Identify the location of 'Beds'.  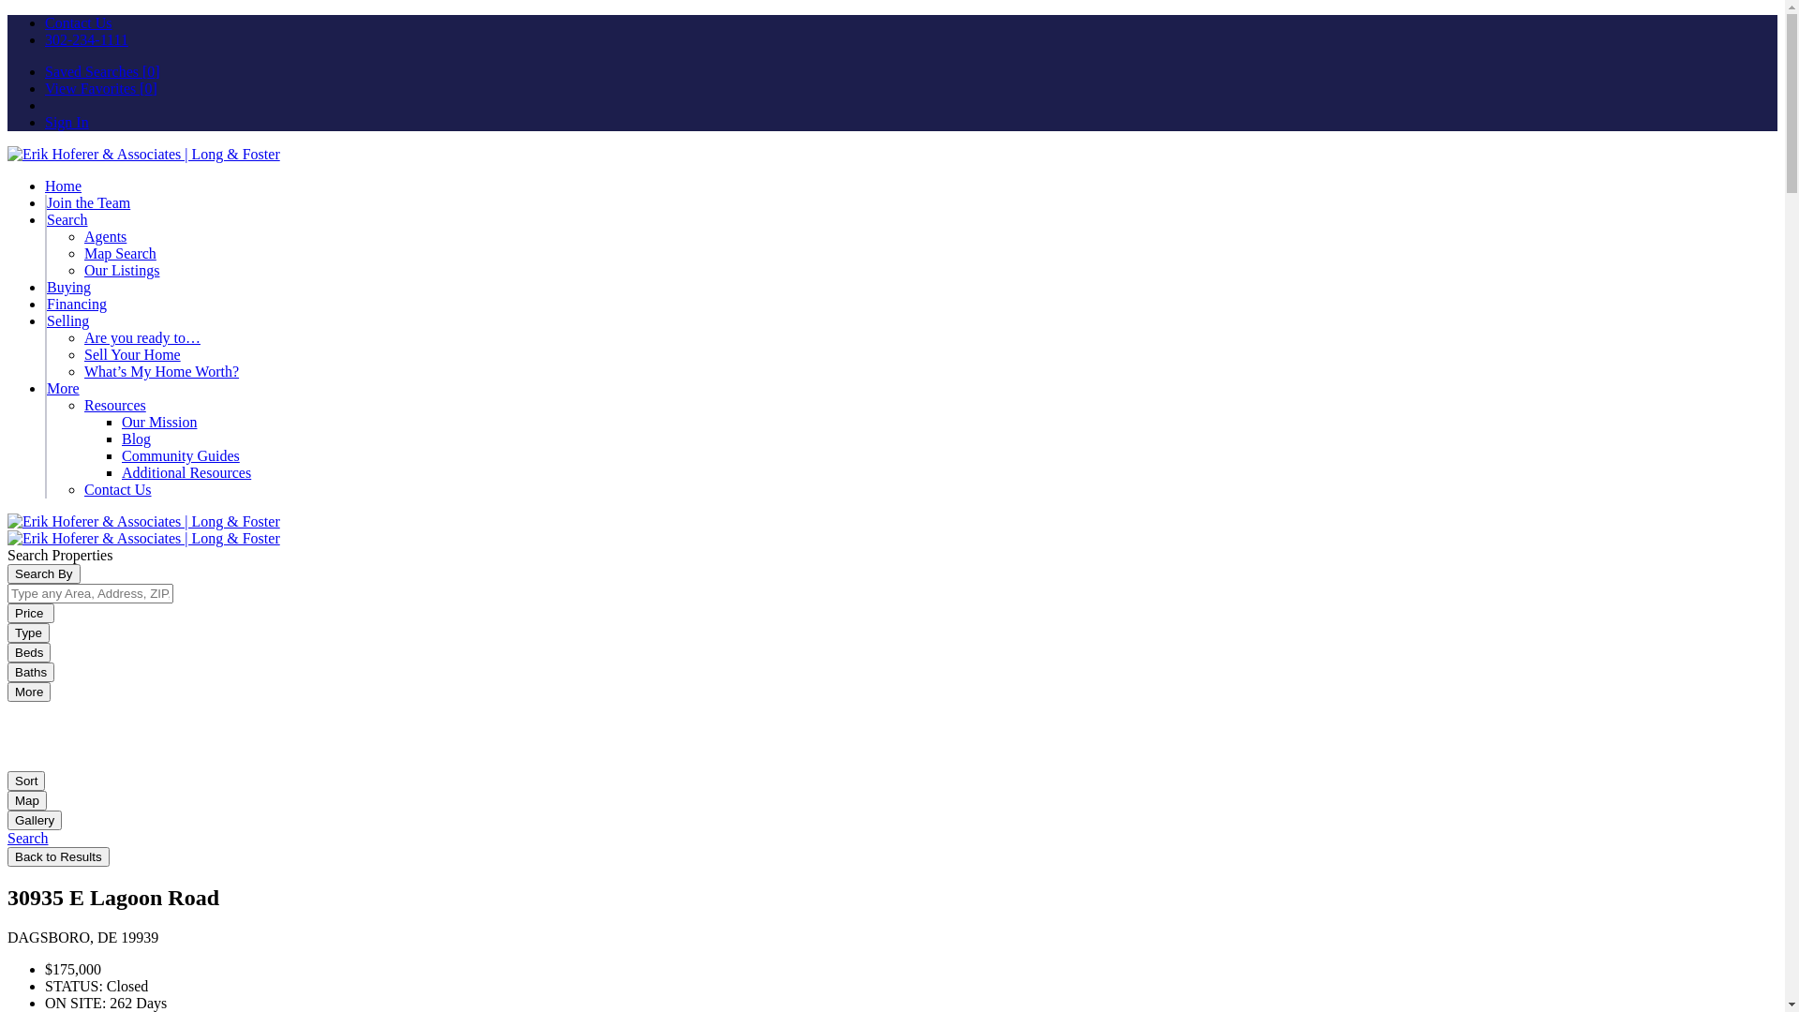
(7, 651).